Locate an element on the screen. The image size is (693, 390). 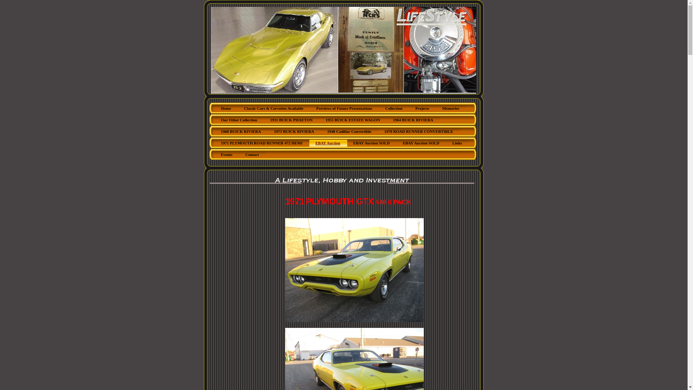
'1955 BUICK ESTATE WAGON' is located at coordinates (353, 120).